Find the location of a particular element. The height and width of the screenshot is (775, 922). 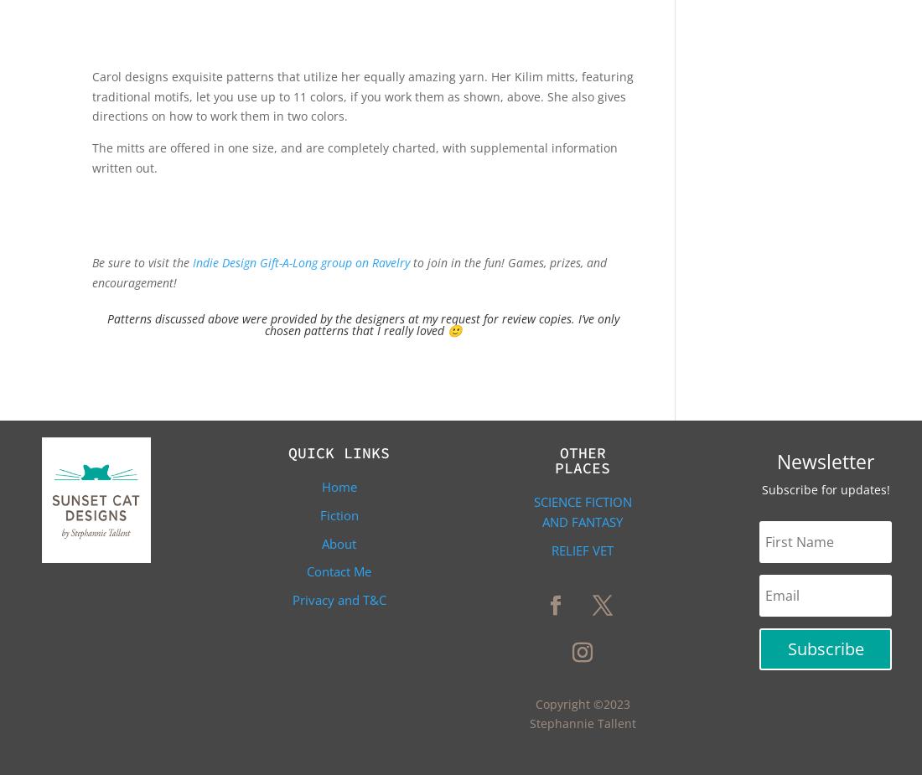

'Science Fiction and Fantasy' is located at coordinates (581, 511).